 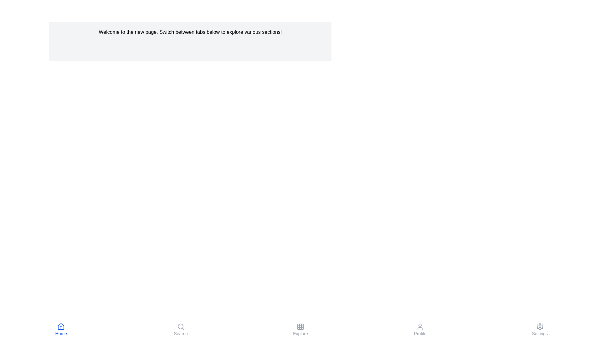 What do you see at coordinates (539, 329) in the screenshot?
I see `the 'Settings' button located at the far right of the bottom navigation bar to possibly reveal additional information` at bounding box center [539, 329].